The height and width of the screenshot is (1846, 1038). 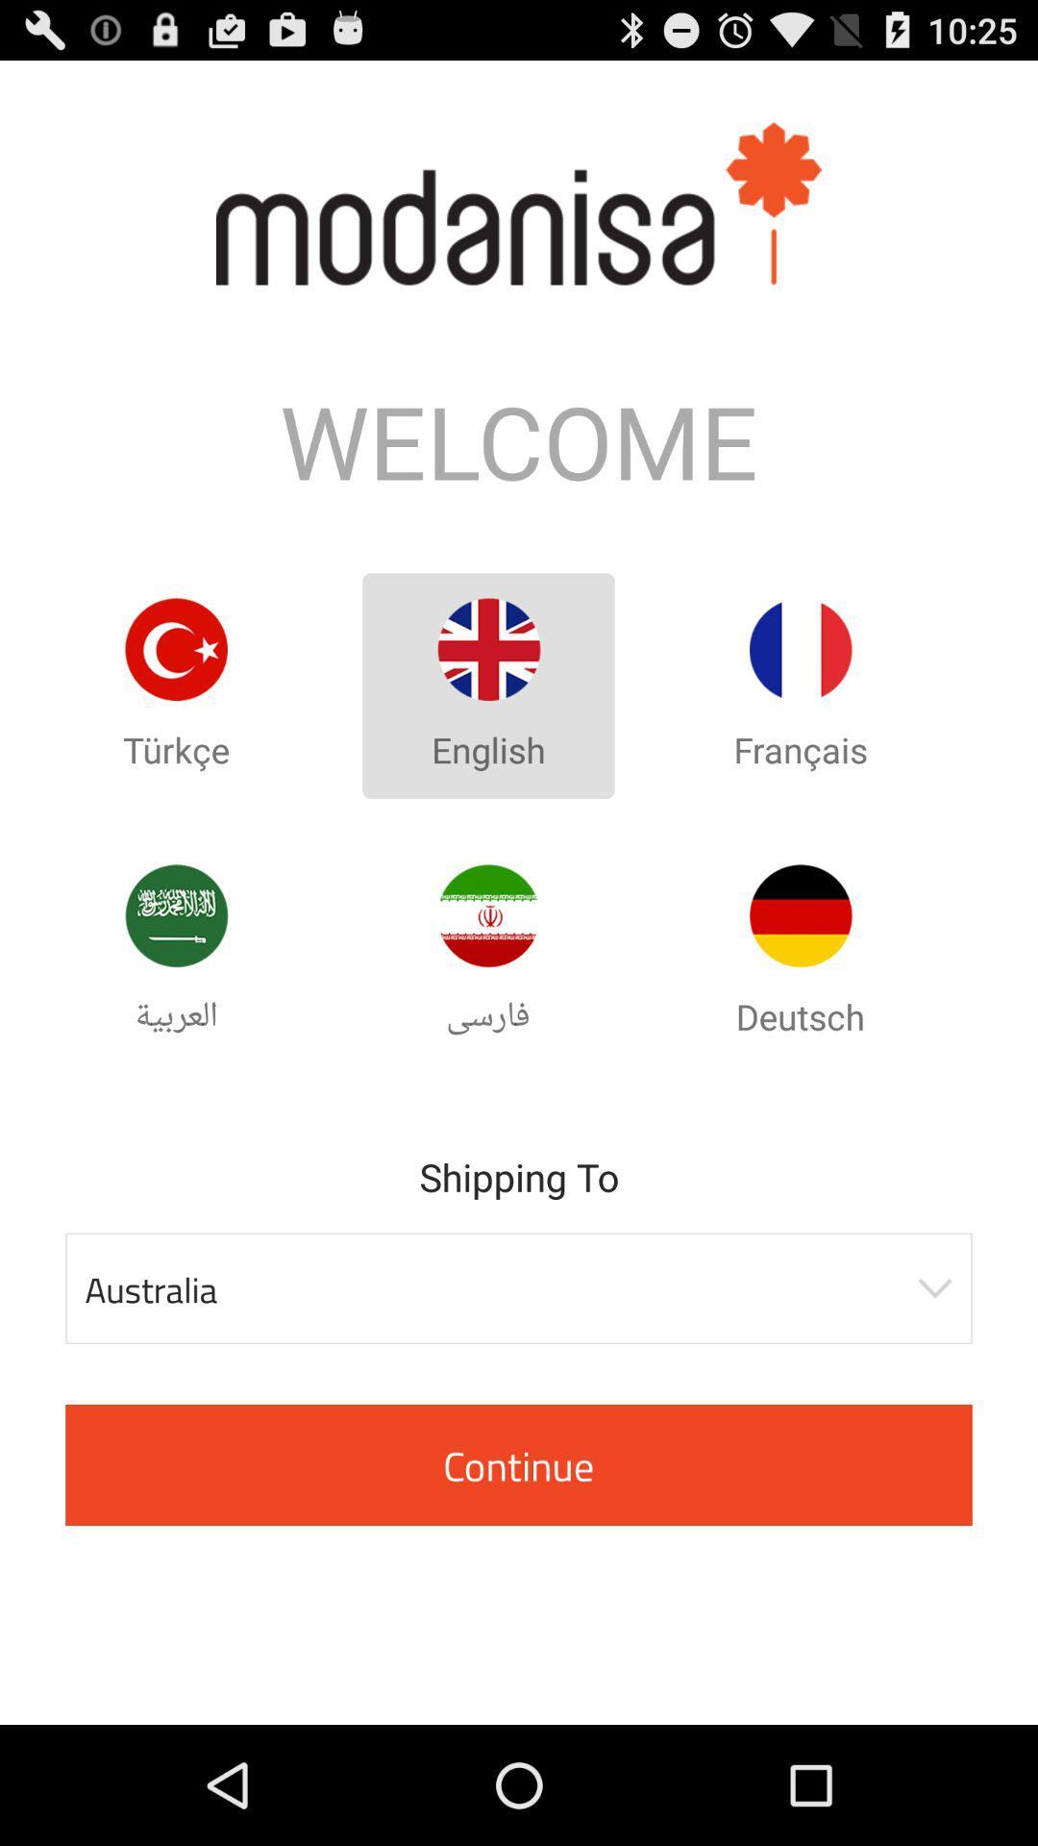 I want to click on language button, so click(x=487, y=914).